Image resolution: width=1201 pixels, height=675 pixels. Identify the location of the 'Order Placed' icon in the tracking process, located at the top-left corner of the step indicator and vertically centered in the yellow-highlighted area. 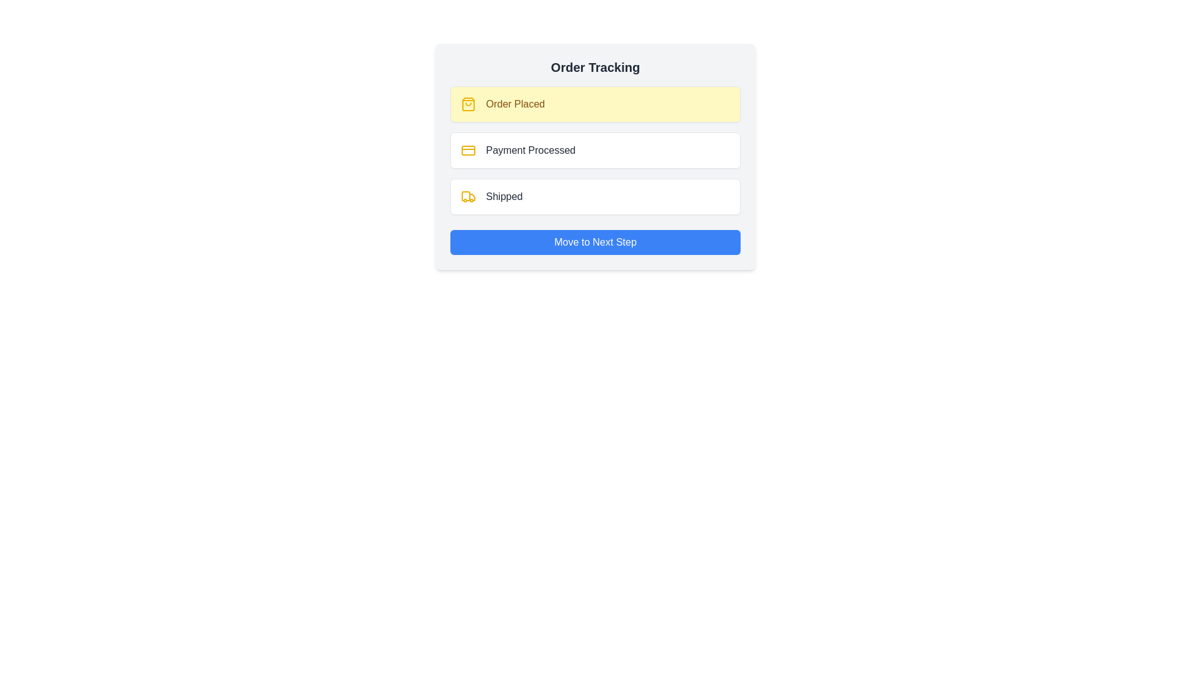
(467, 103).